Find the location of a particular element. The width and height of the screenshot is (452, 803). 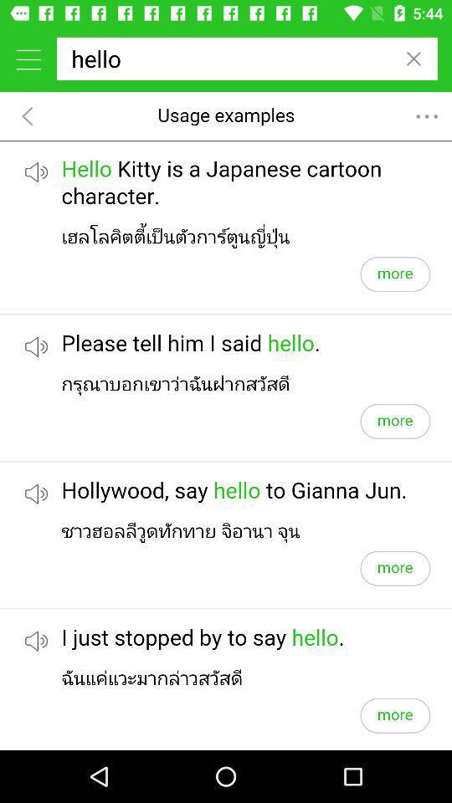

open menu is located at coordinates (28, 59).